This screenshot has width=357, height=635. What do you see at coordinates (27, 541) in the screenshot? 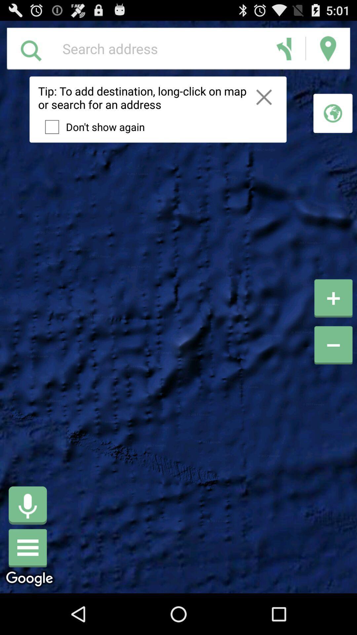
I see `the microphone icon` at bounding box center [27, 541].